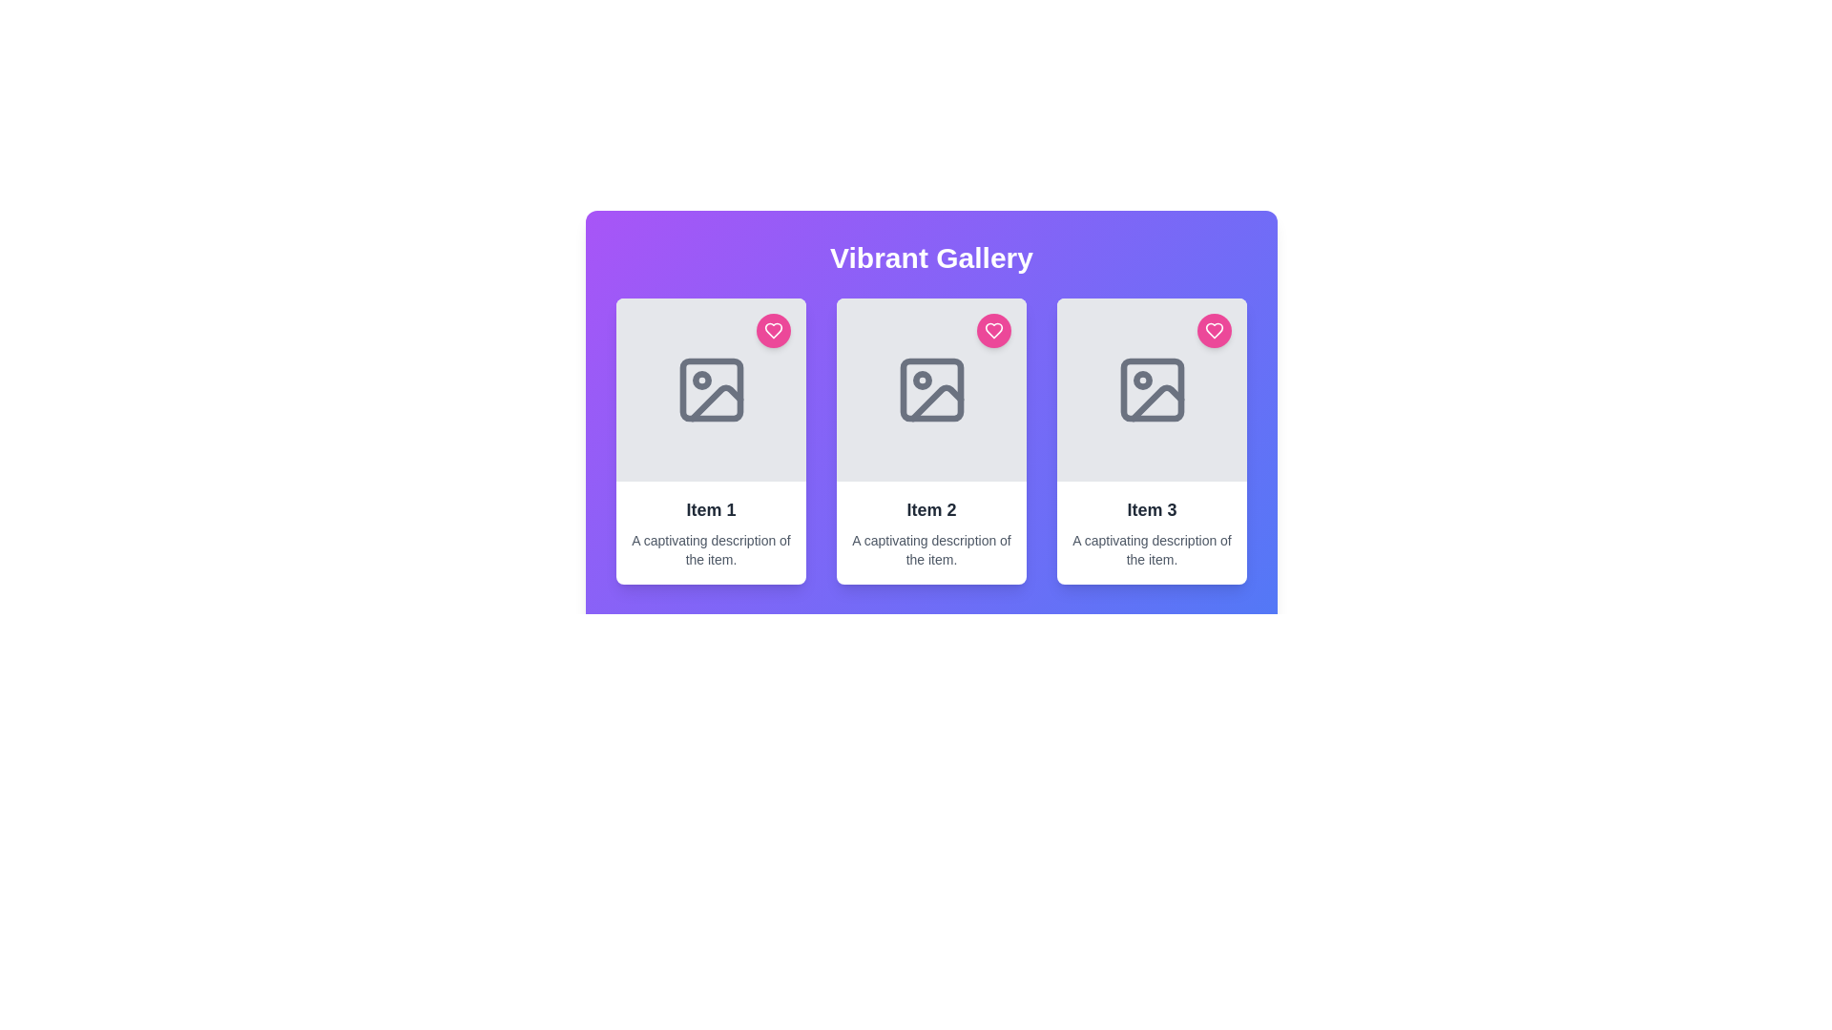 The image size is (1832, 1030). Describe the element at coordinates (931, 550) in the screenshot. I see `the descriptive text element located directly below the header 'Item 2' in the second card of the gallery` at that location.